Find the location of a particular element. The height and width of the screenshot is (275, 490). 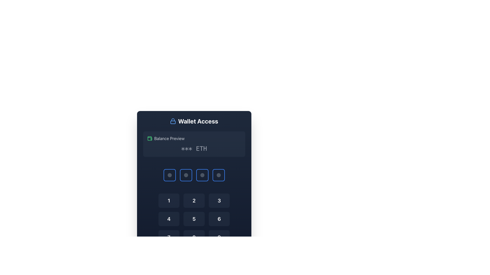

the lock icon indicating security permissions next to 'Wallet Access' for potential tooltip display is located at coordinates (173, 121).